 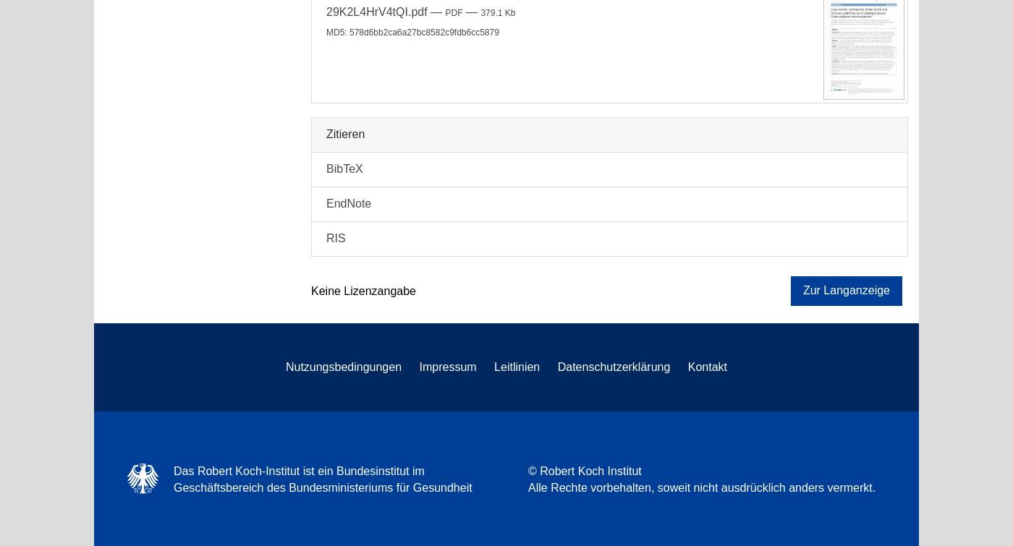 What do you see at coordinates (613, 365) in the screenshot?
I see `'Datenschutzerklärung'` at bounding box center [613, 365].